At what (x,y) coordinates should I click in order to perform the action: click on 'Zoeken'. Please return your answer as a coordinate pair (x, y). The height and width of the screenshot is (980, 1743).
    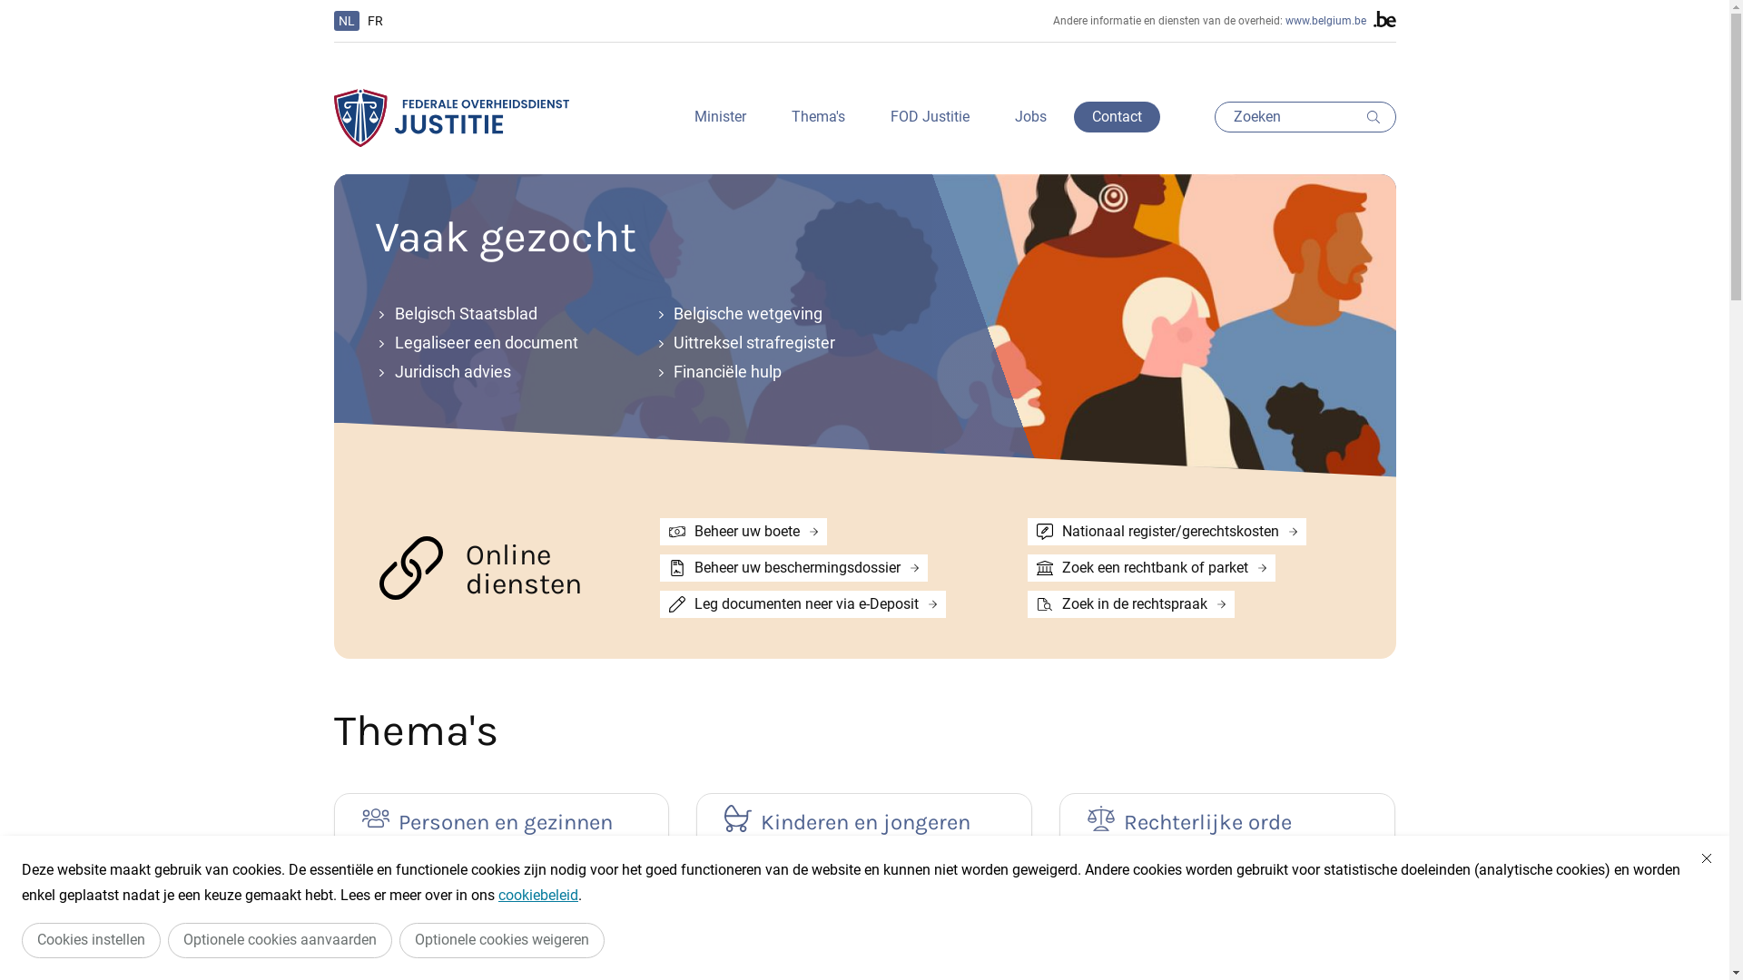
    Looking at the image, I should click on (1305, 116).